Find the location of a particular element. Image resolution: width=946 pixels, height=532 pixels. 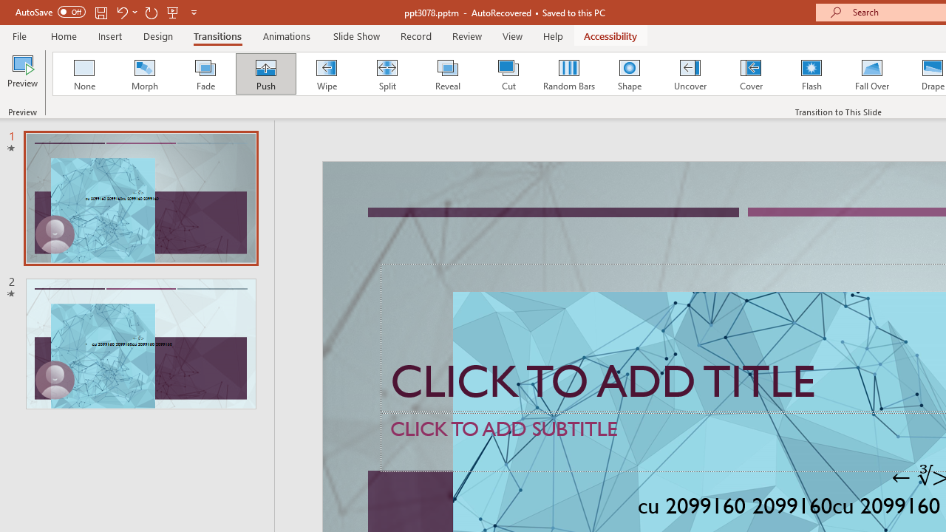

'Split' is located at coordinates (387, 74).